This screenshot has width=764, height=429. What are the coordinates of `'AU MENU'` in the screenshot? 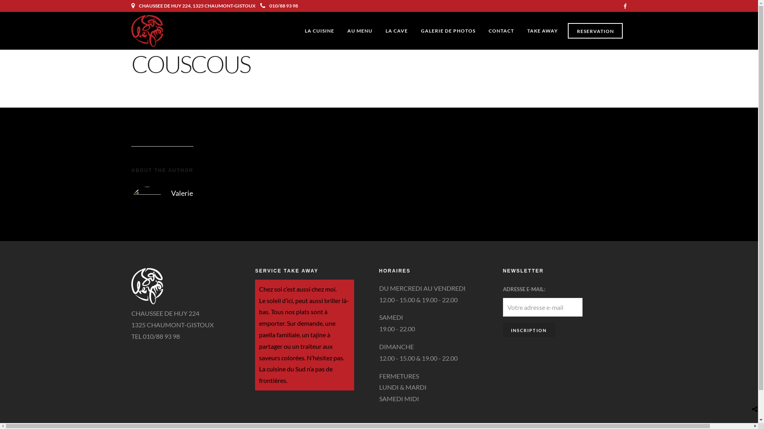 It's located at (341, 31).